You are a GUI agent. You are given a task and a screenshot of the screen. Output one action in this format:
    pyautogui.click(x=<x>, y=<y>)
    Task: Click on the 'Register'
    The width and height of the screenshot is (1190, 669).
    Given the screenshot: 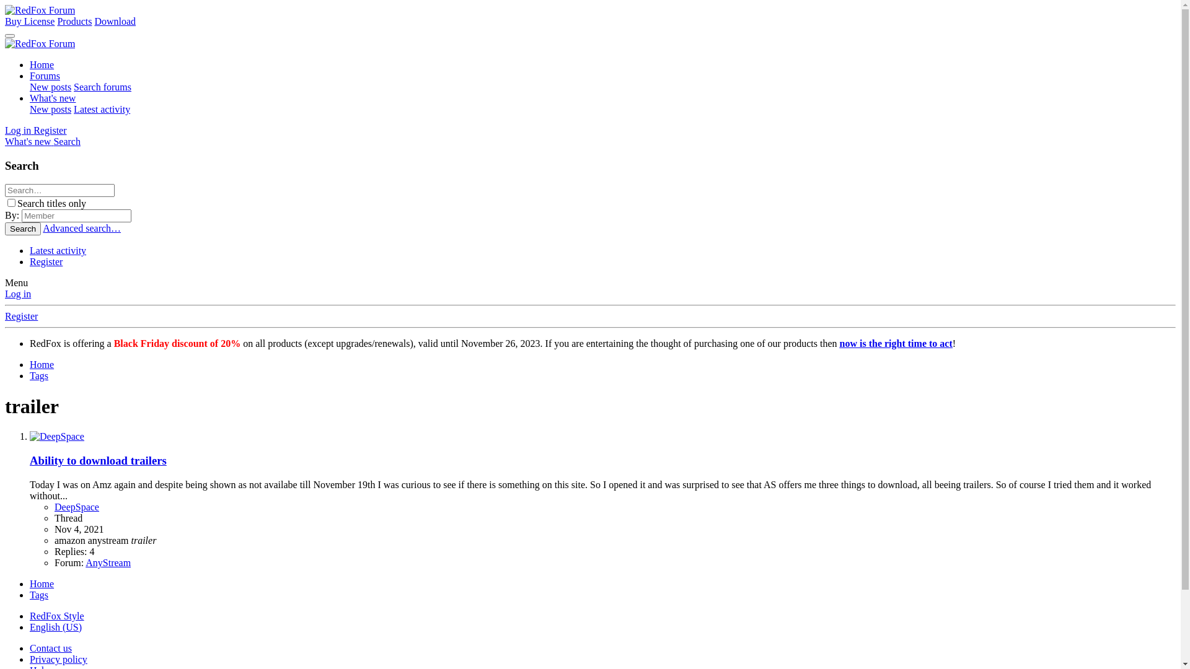 What is the action you would take?
    pyautogui.click(x=50, y=130)
    